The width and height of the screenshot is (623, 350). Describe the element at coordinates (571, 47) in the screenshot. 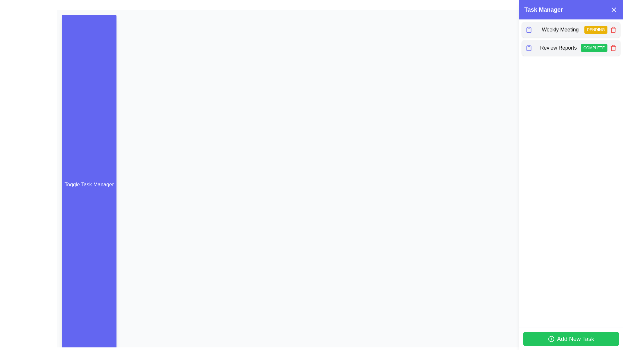

I see `the 'Review Reports' button with clipboard icon and 'COMPLETE' badge located in the Task Manager sidebar` at that location.